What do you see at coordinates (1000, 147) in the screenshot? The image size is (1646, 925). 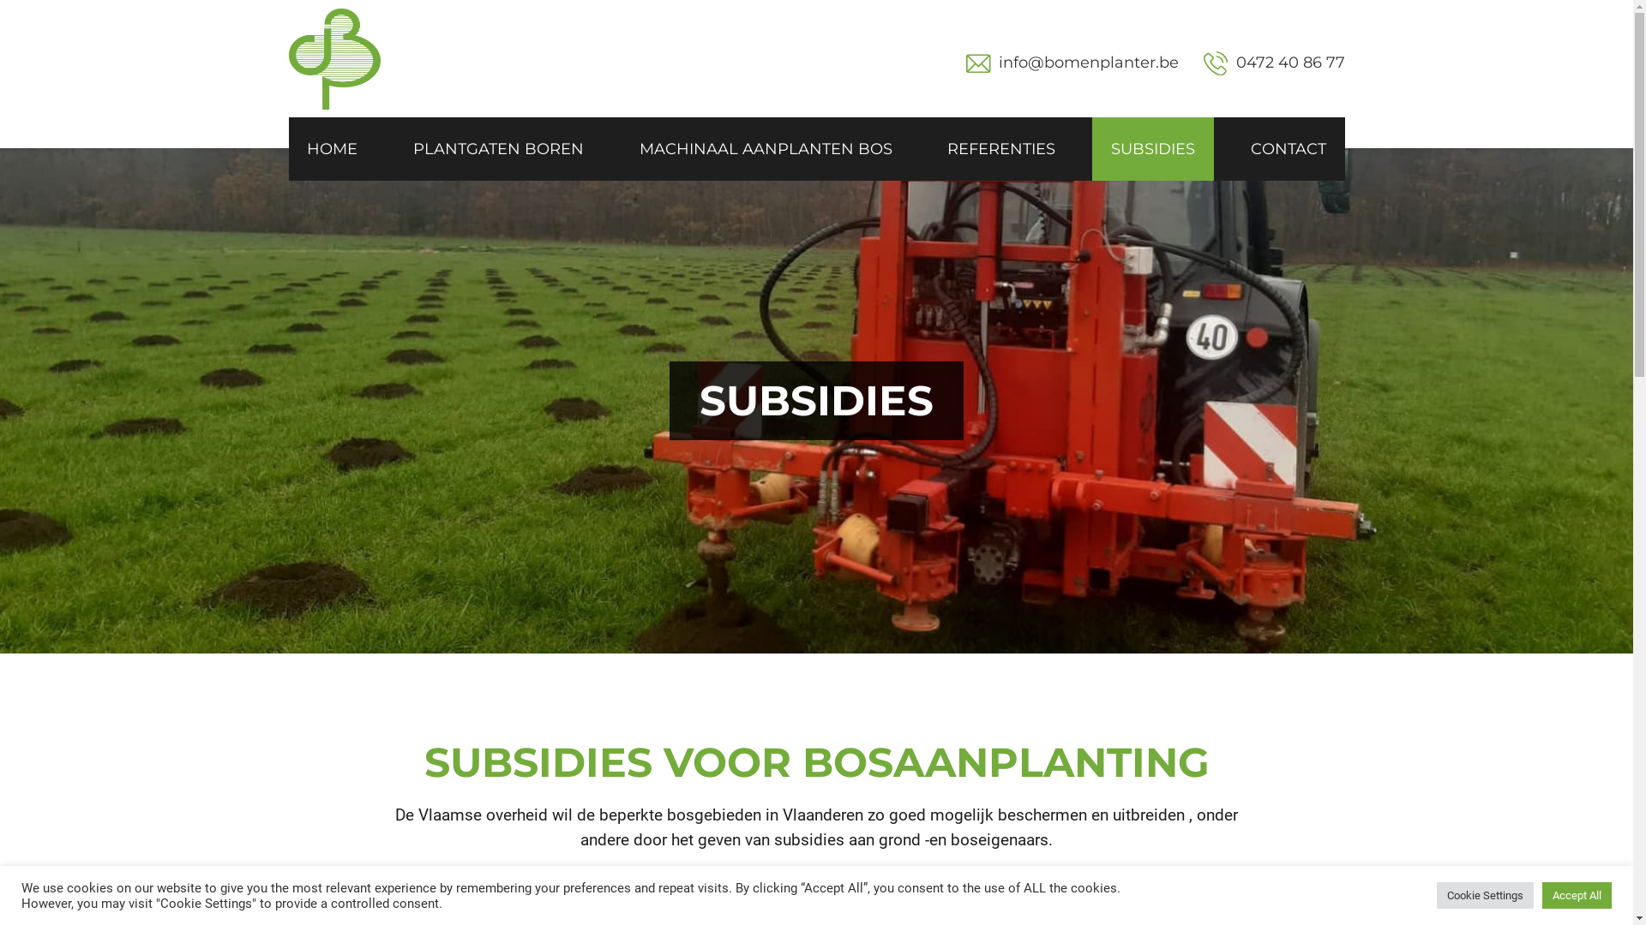 I see `'REFERENTIES'` at bounding box center [1000, 147].